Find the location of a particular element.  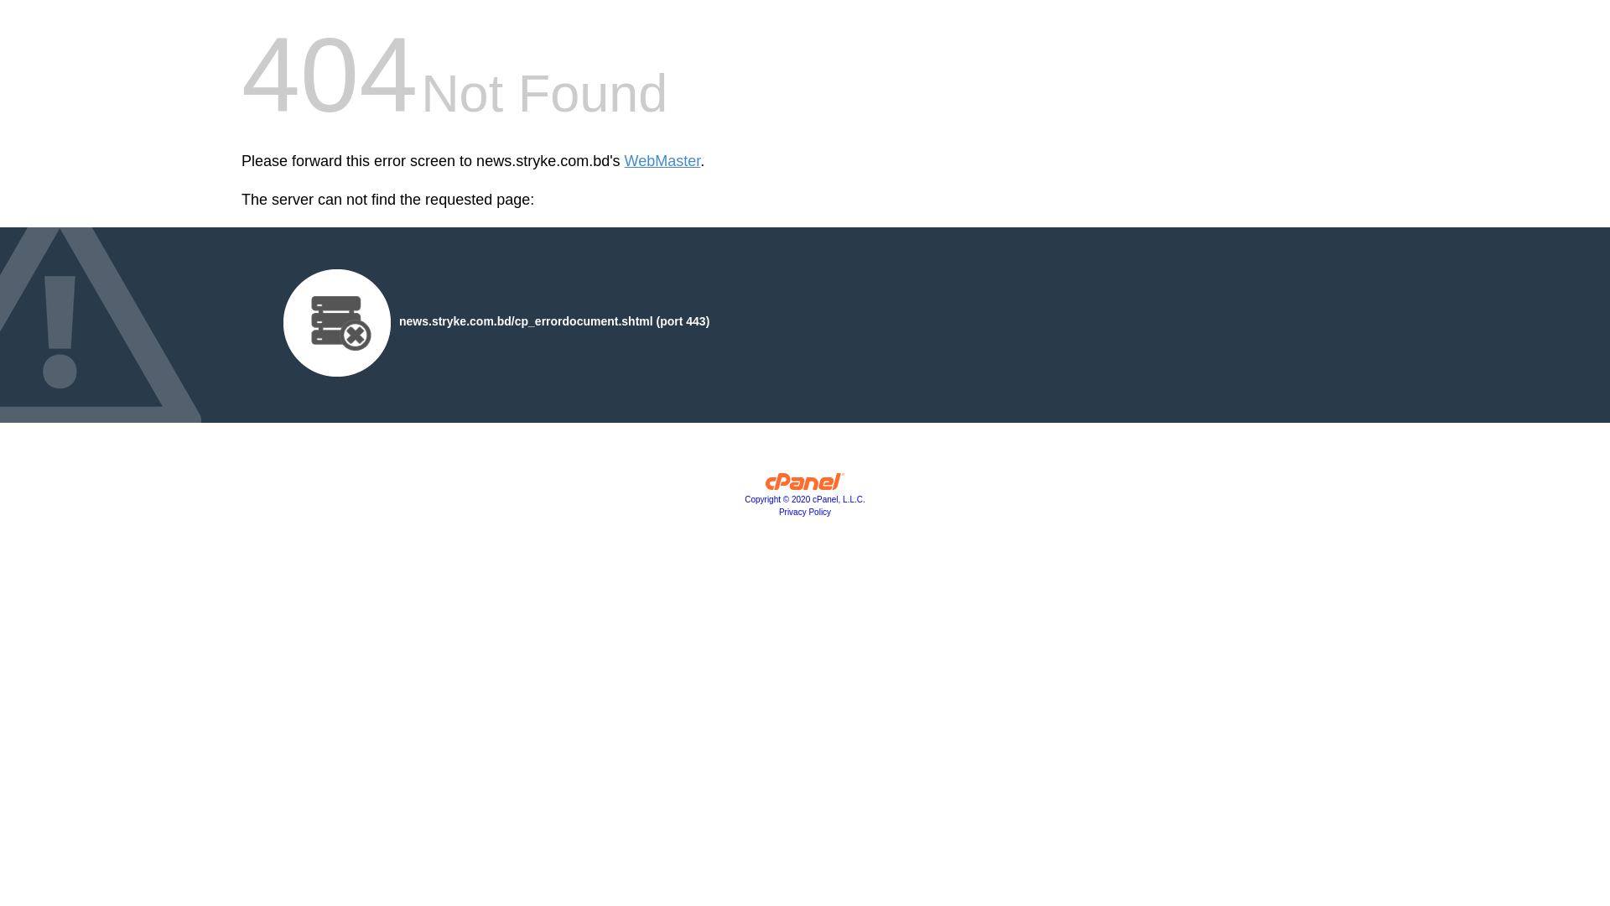

'WebMaster' is located at coordinates (662, 161).